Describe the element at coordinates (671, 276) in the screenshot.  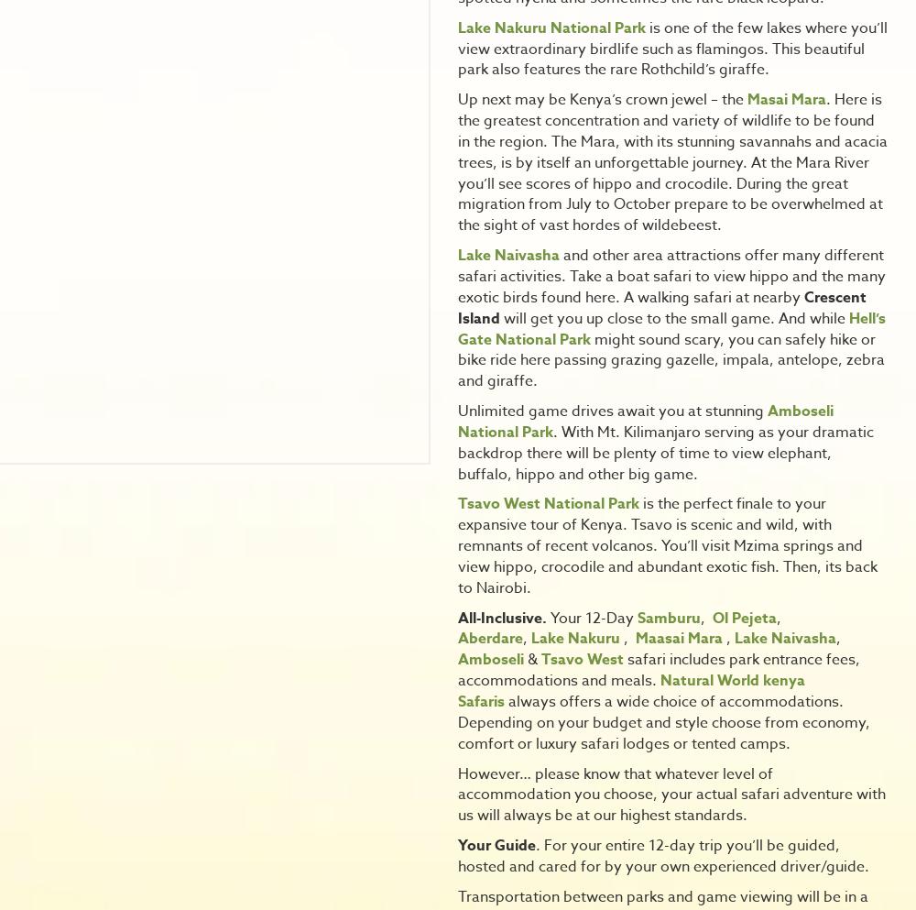
I see `'and other area attractions offer many different safari activities. Take a boat safari to view hippo and the many exotic birds found here. A walking safari at nearby'` at that location.